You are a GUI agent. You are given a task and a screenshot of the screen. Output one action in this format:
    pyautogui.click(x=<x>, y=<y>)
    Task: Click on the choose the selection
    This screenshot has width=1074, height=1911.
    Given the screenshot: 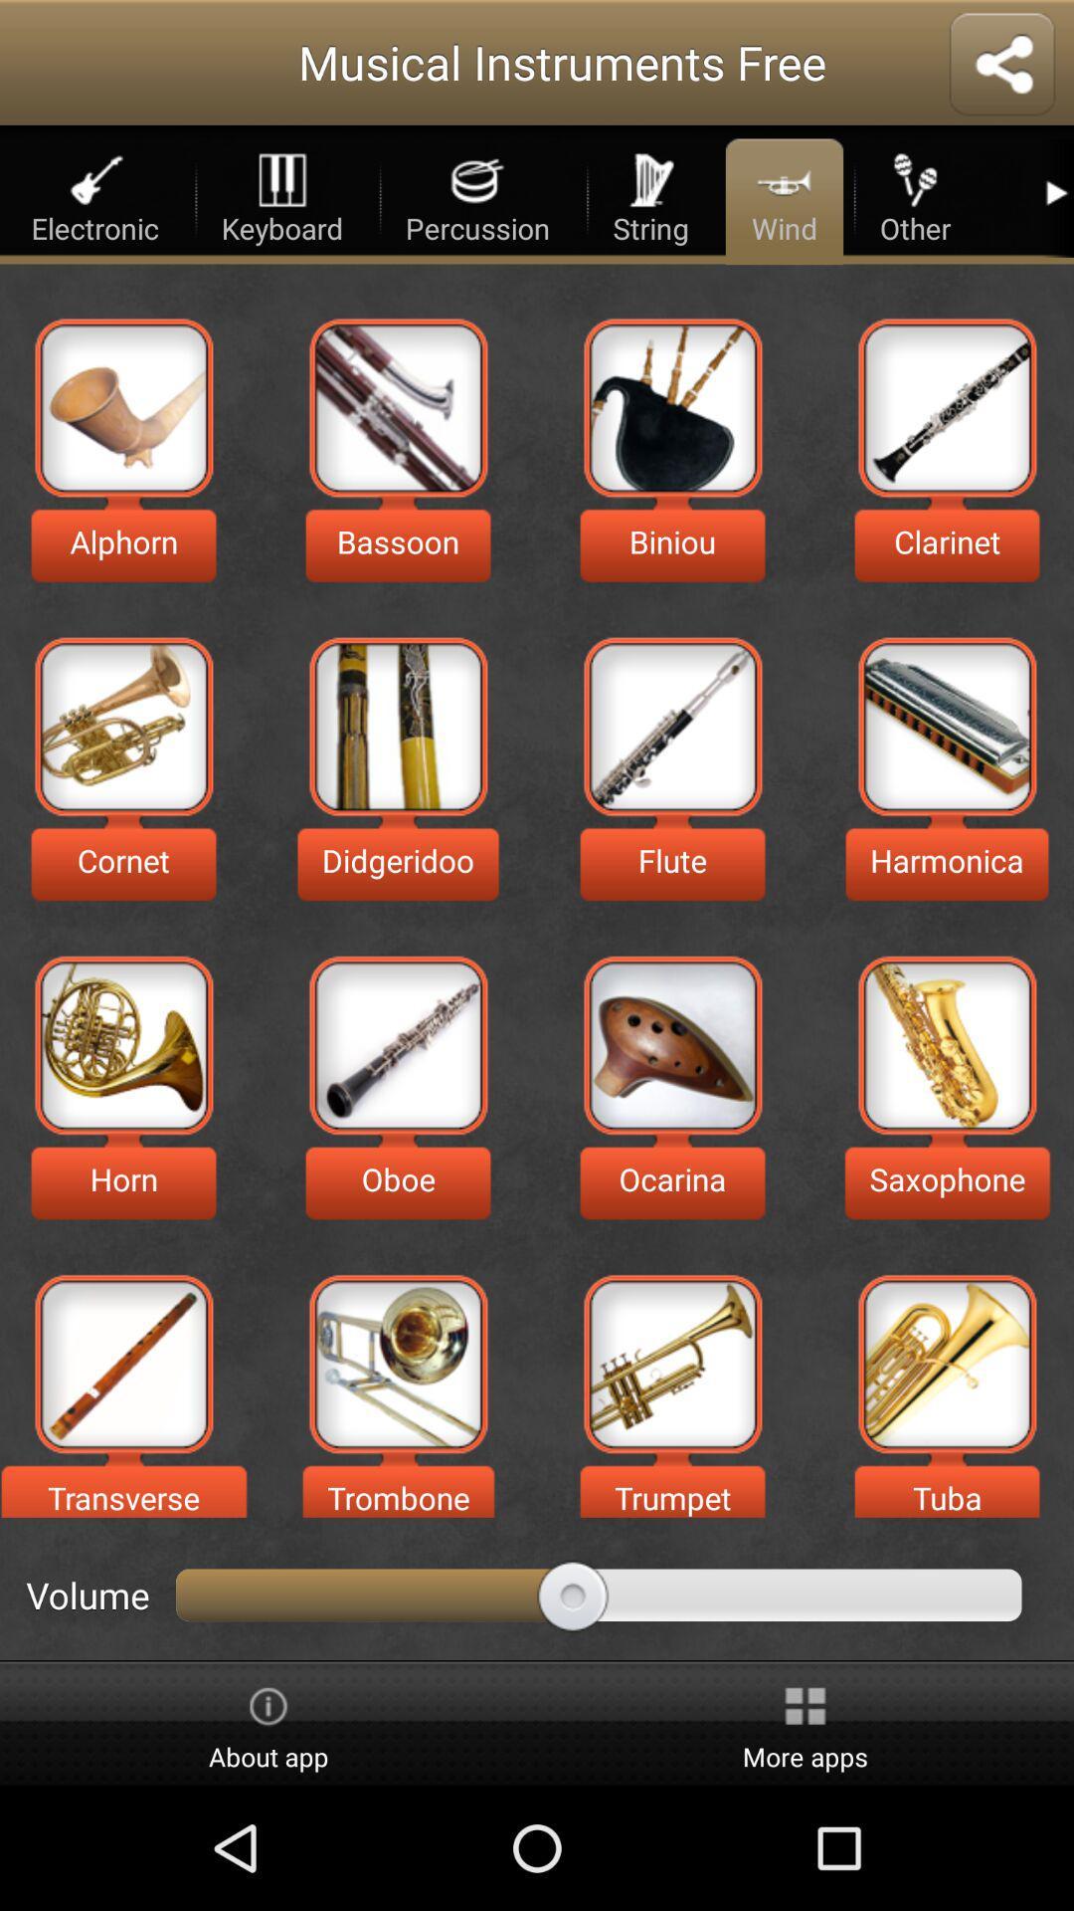 What is the action you would take?
    pyautogui.click(x=671, y=1363)
    